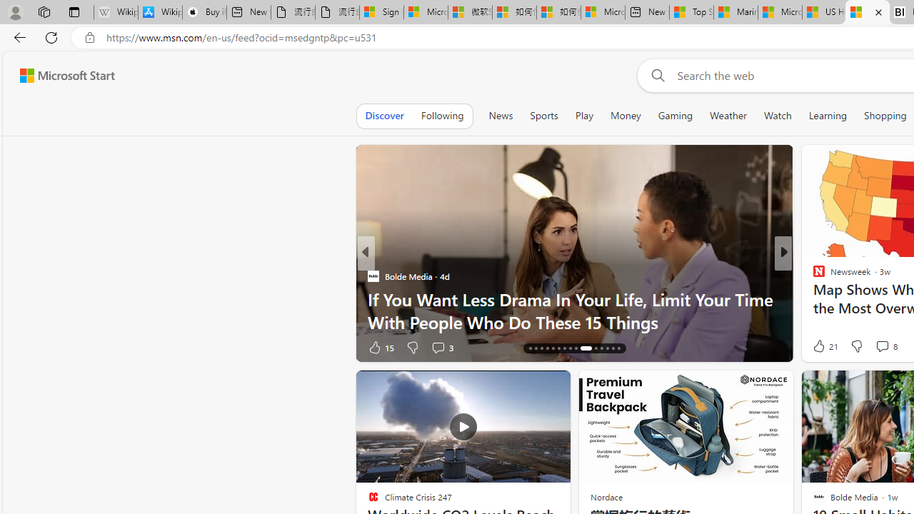  I want to click on 'AutomationID: tab-16', so click(530, 348).